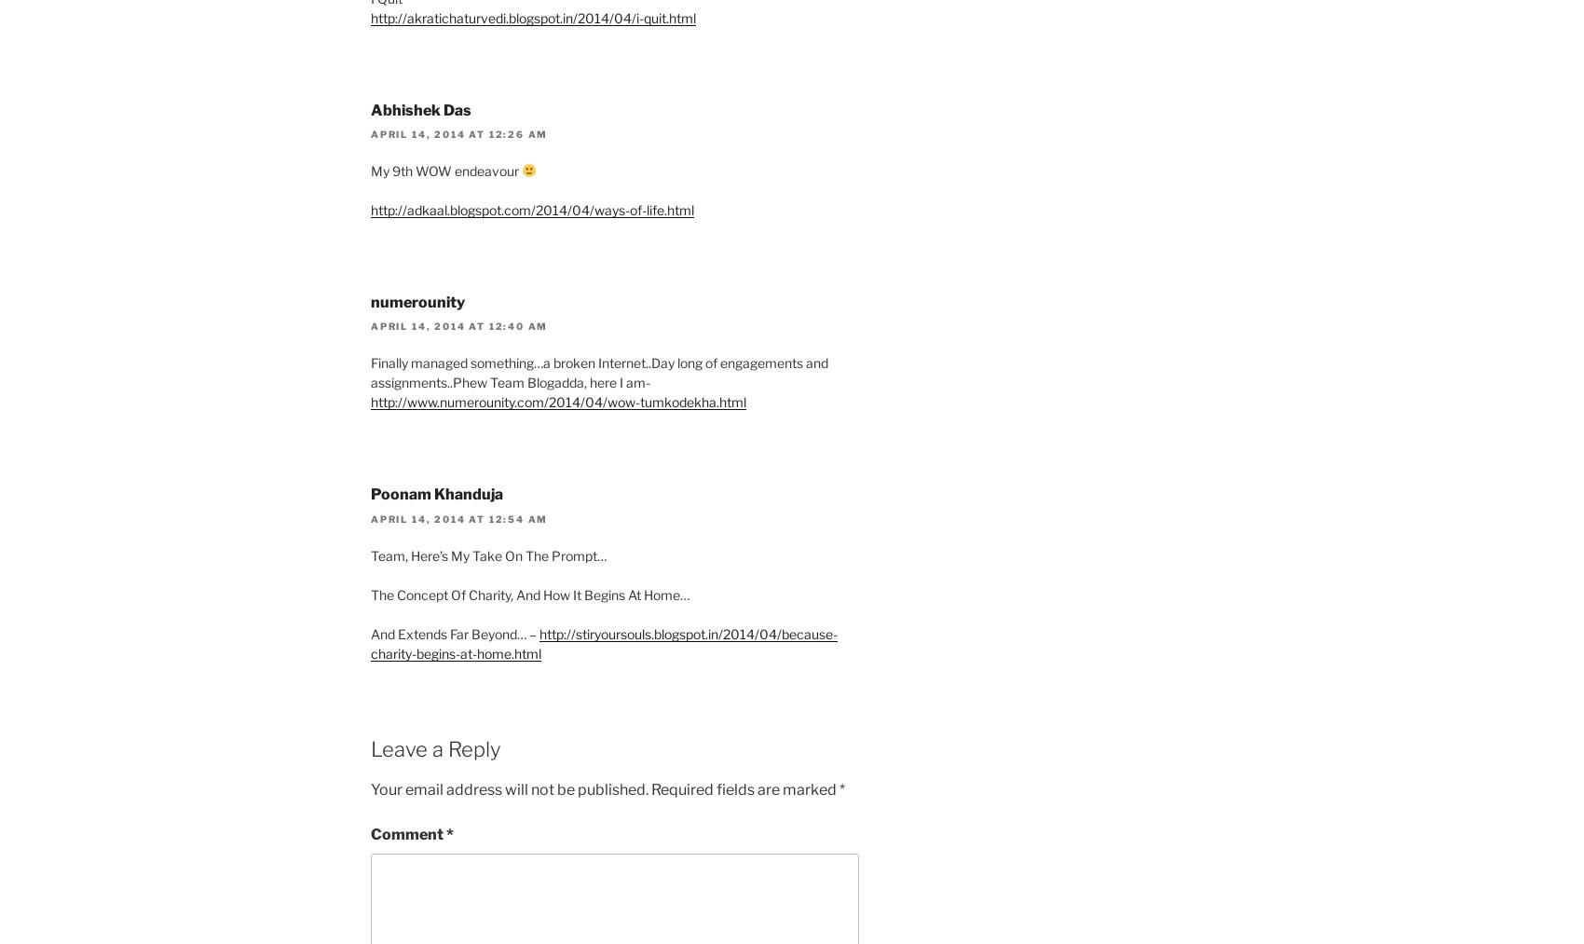  What do you see at coordinates (488, 554) in the screenshot?
I see `'Team, Here’s My Take On The Prompt…'` at bounding box center [488, 554].